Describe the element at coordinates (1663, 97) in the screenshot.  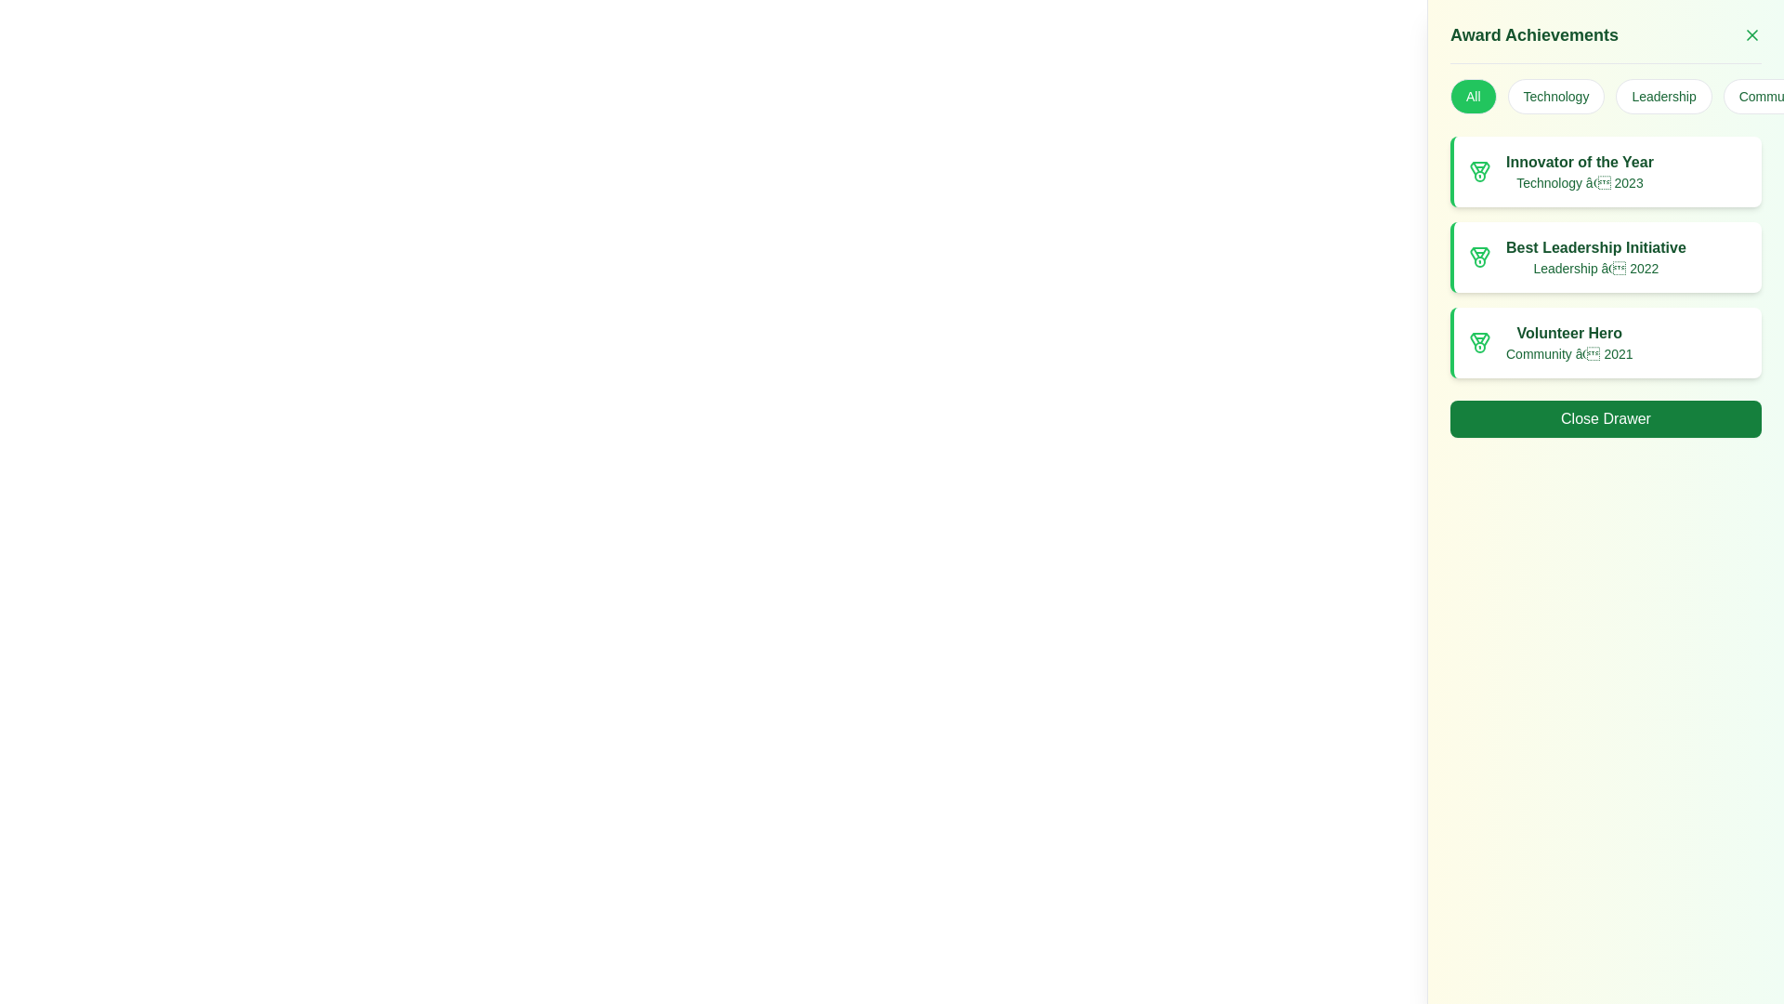
I see `the third button labeled 'Leadership' in the category filter section` at that location.